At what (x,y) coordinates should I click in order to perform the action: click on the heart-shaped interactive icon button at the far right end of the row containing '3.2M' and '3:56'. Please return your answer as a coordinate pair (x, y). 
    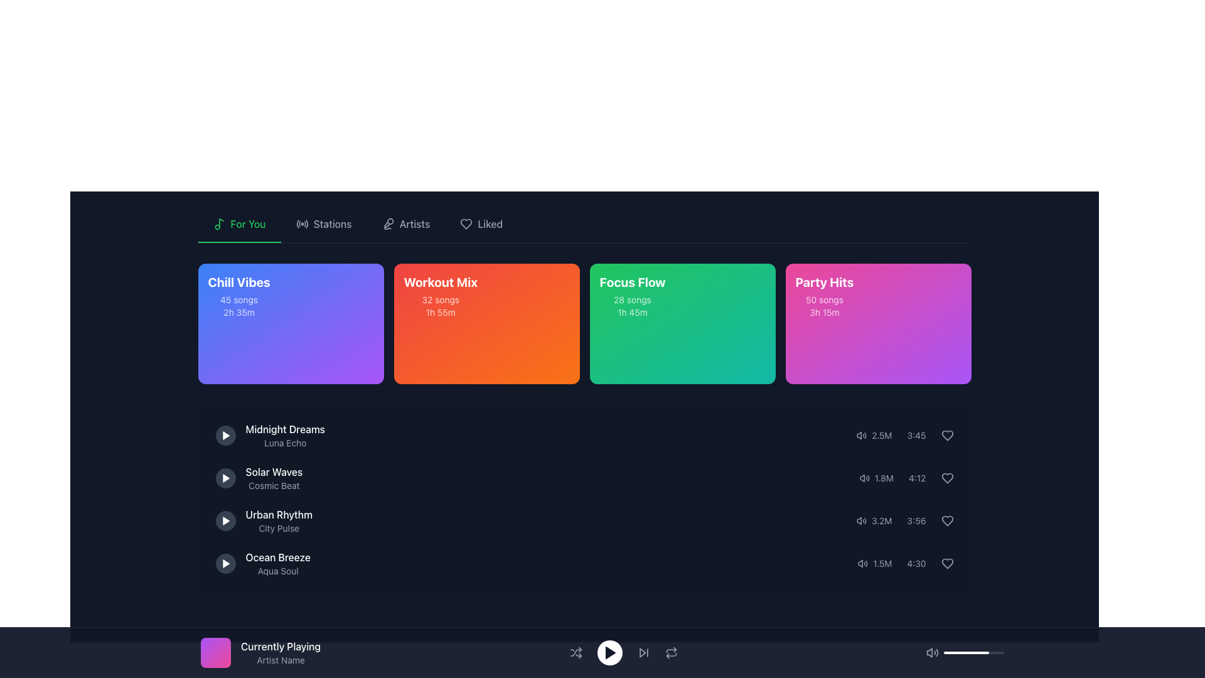
    Looking at the image, I should click on (947, 520).